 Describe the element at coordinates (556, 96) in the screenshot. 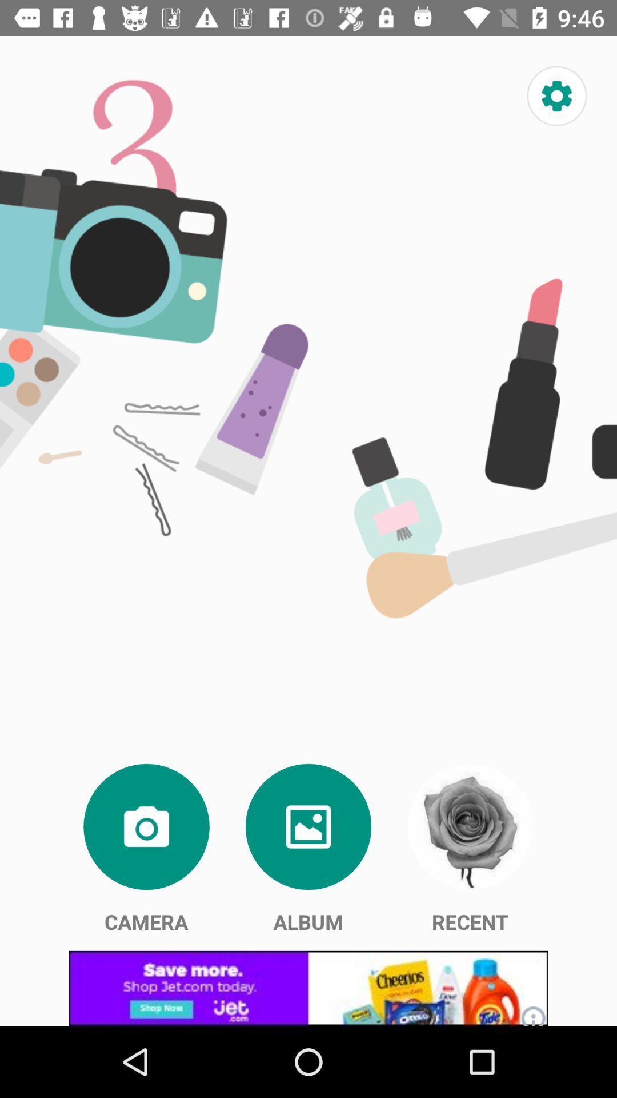

I see `the settings icon` at that location.